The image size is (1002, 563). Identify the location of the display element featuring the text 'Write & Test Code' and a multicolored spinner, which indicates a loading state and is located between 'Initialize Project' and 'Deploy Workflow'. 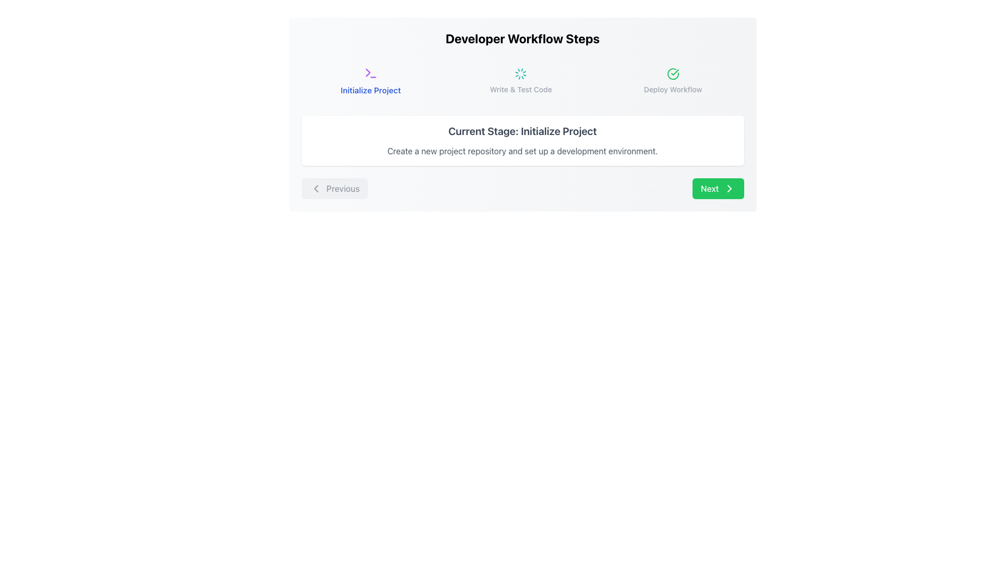
(521, 80).